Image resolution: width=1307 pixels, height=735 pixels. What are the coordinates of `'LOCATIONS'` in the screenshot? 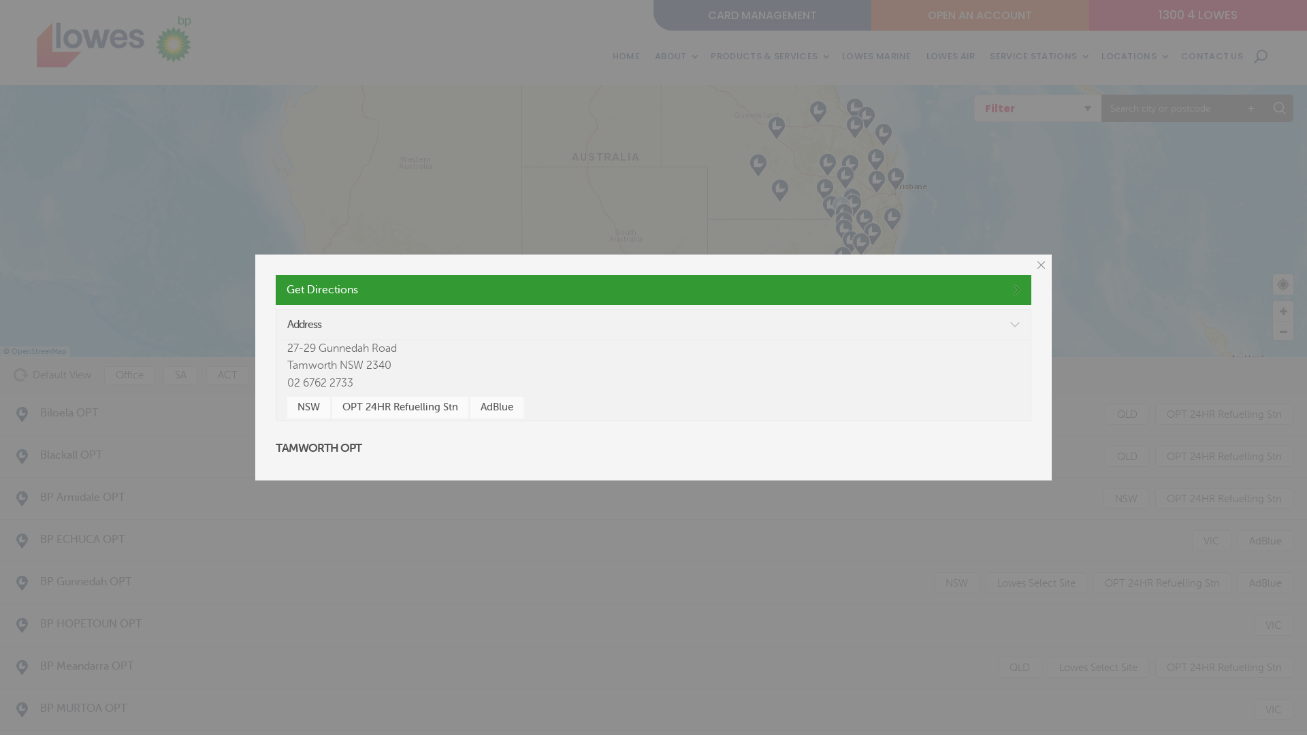 It's located at (1133, 56).